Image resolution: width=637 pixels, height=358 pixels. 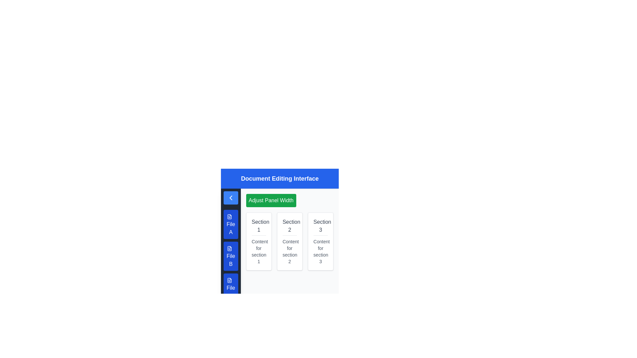 I want to click on possible styling changes on interaction for the content display widget titled 'Section 2', which is the center card in a grid layout beneath the 'Adjust Panel Width' header, so click(x=290, y=241).